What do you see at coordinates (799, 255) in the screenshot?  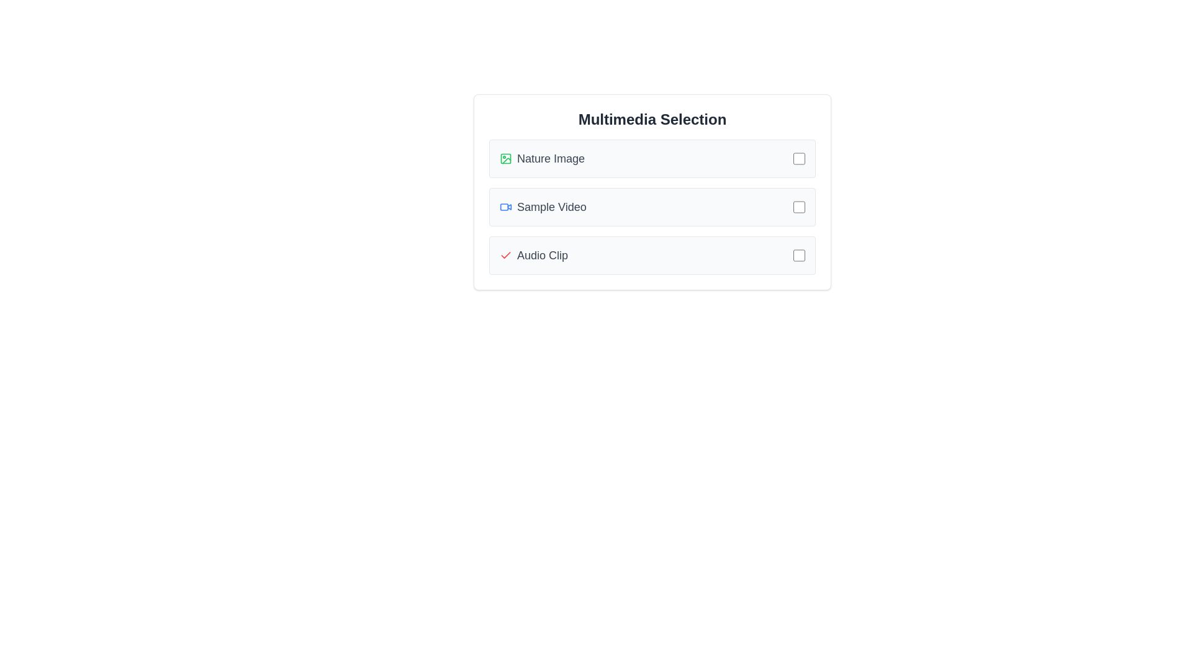 I see `the checkbox located to the far right of the 'Audio Clip' label to check or uncheck it` at bounding box center [799, 255].